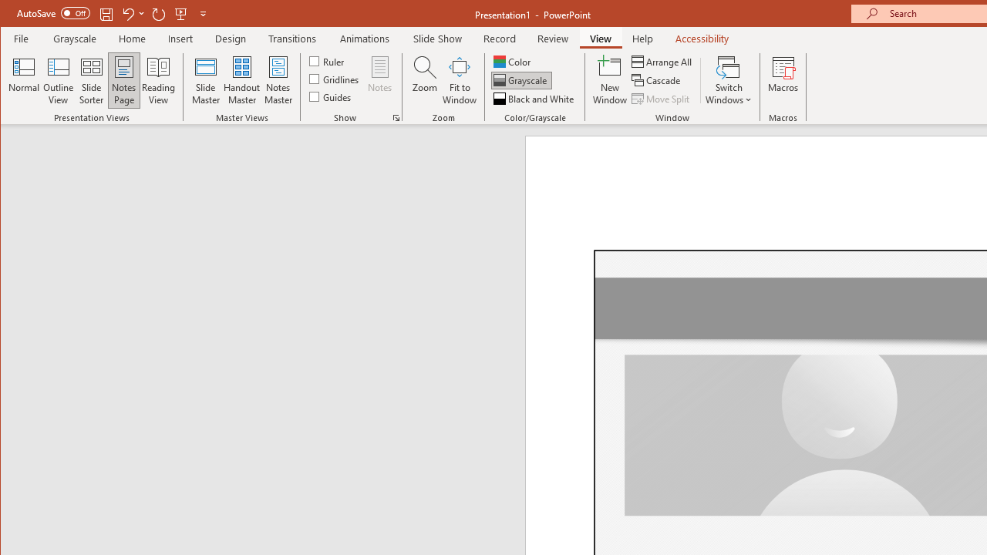 The height and width of the screenshot is (555, 987). What do you see at coordinates (241, 80) in the screenshot?
I see `'Handout Master'` at bounding box center [241, 80].